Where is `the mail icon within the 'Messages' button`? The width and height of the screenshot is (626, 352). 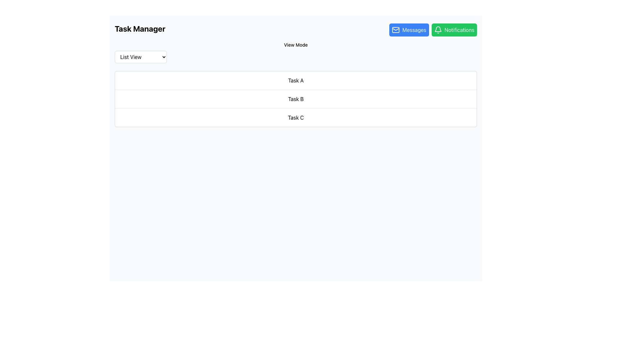 the mail icon within the 'Messages' button is located at coordinates (395, 30).